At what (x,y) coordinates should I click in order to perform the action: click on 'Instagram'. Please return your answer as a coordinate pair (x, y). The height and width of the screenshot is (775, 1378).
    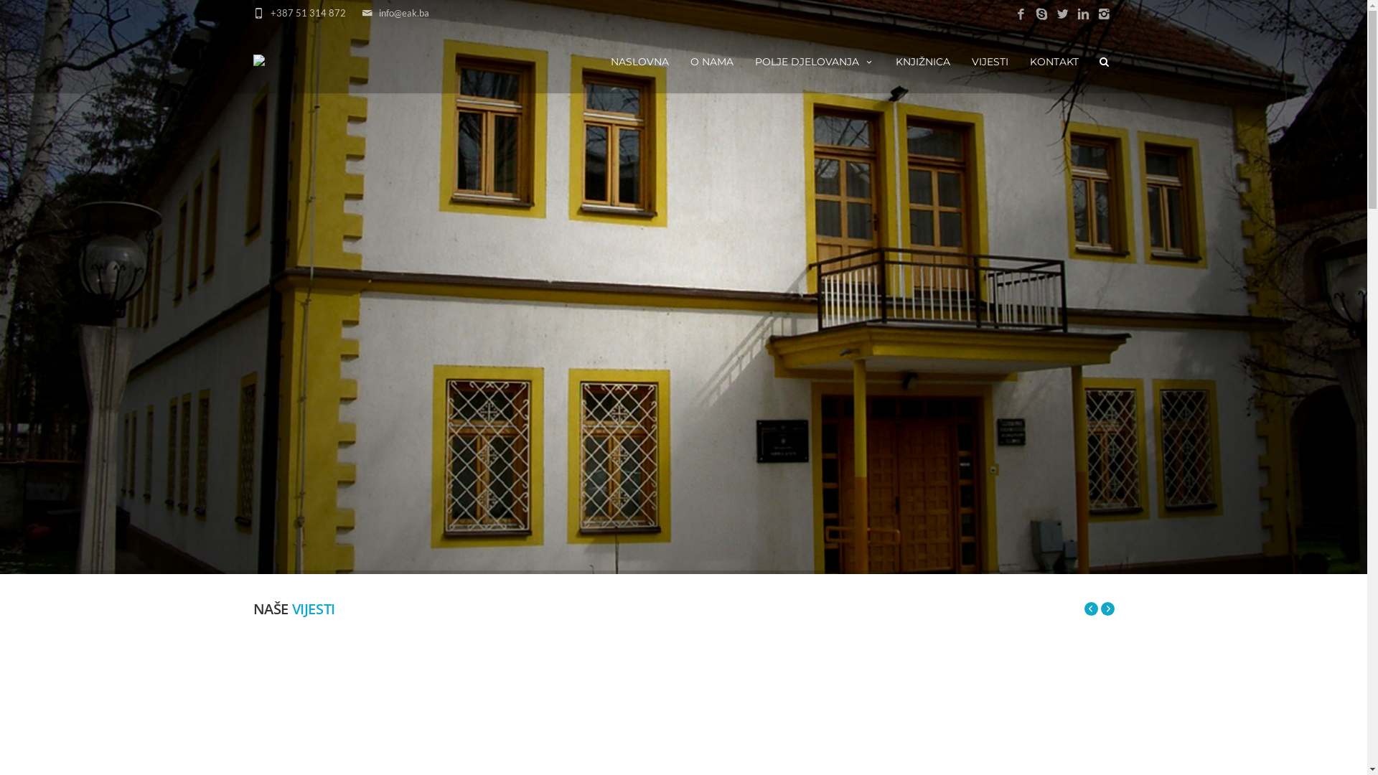
    Looking at the image, I should click on (1082, 748).